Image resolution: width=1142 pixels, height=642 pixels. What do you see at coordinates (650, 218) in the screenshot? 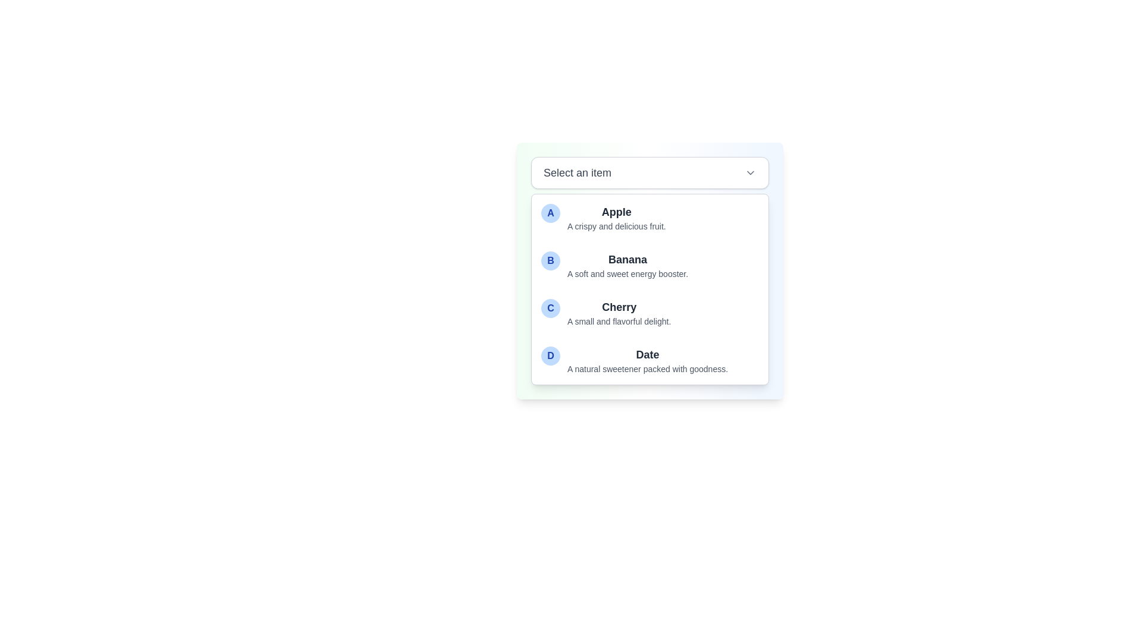
I see `the list item displaying a stylized letter 'A' on a circular blue background, followed by the text 'Apple'` at bounding box center [650, 218].